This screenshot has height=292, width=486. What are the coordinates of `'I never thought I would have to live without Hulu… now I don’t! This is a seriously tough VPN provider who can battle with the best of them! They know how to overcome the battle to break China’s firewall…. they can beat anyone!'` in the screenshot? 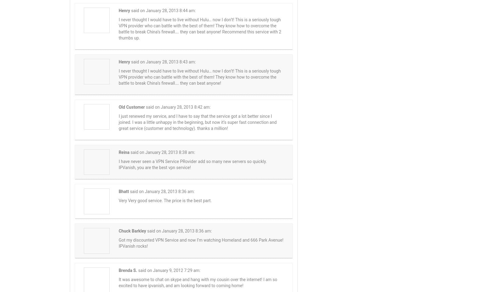 It's located at (199, 77).